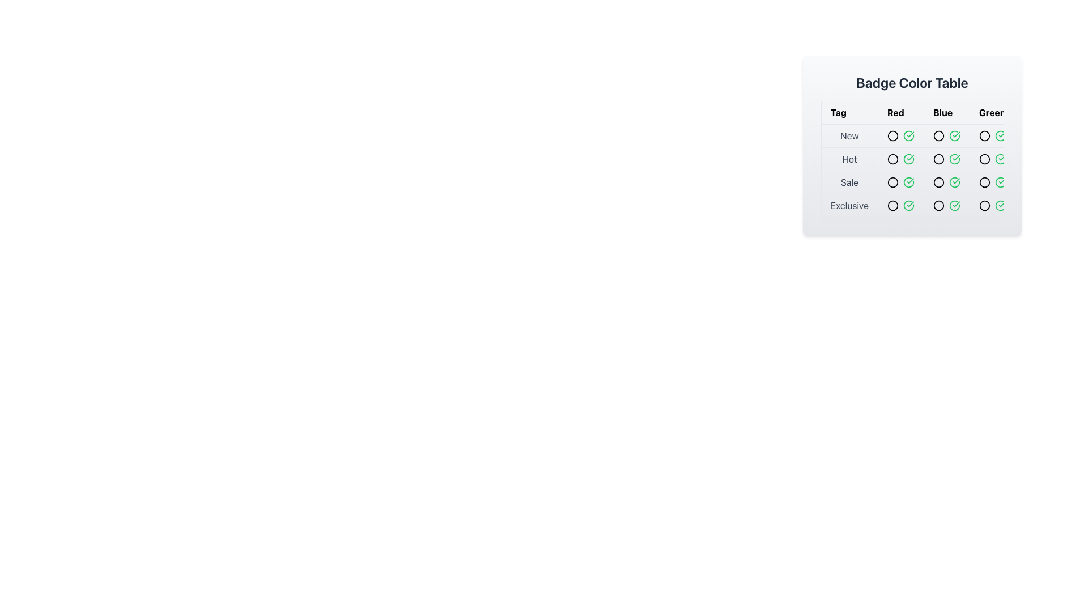  Describe the element at coordinates (900, 181) in the screenshot. I see `the status of the green checkmark icon in the 'Red' category of the 'Badge Color Table' located in the third row under the 'Sale' label` at that location.